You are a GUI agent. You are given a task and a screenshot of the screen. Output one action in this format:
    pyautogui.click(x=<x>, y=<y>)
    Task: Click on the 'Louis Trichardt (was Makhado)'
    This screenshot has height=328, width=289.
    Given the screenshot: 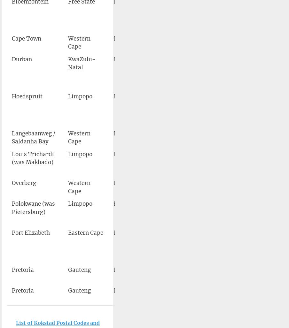 What is the action you would take?
    pyautogui.click(x=33, y=158)
    